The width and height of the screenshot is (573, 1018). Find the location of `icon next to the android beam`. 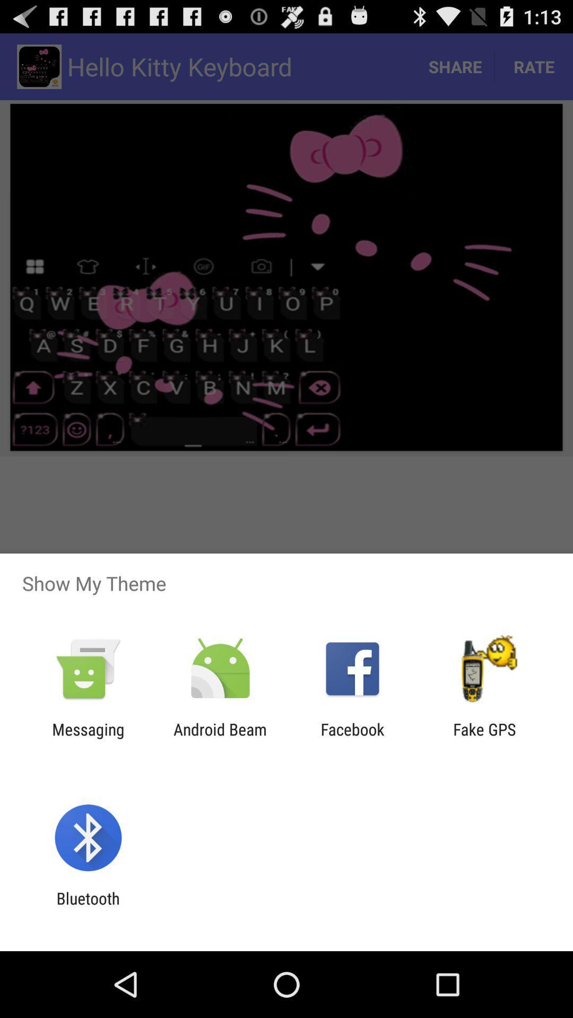

icon next to the android beam is located at coordinates (88, 738).